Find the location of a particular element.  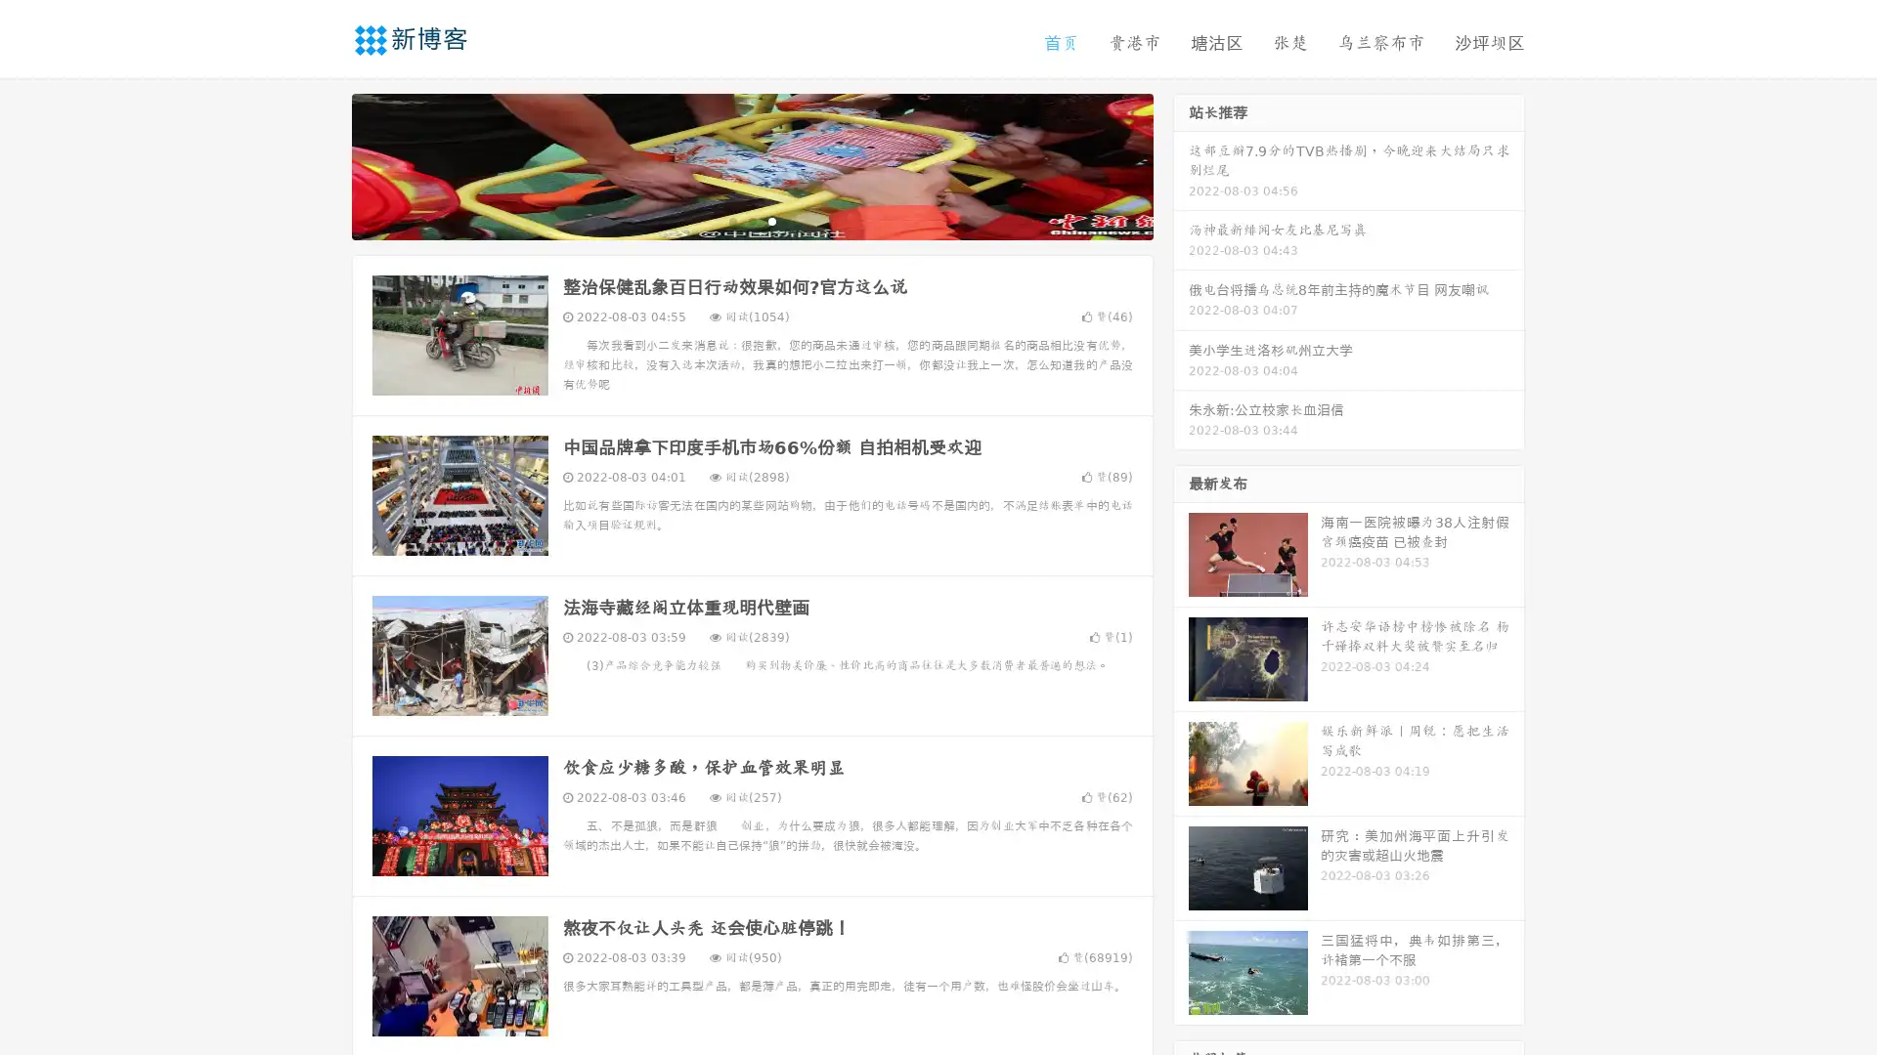

Go to slide 1 is located at coordinates (731, 220).